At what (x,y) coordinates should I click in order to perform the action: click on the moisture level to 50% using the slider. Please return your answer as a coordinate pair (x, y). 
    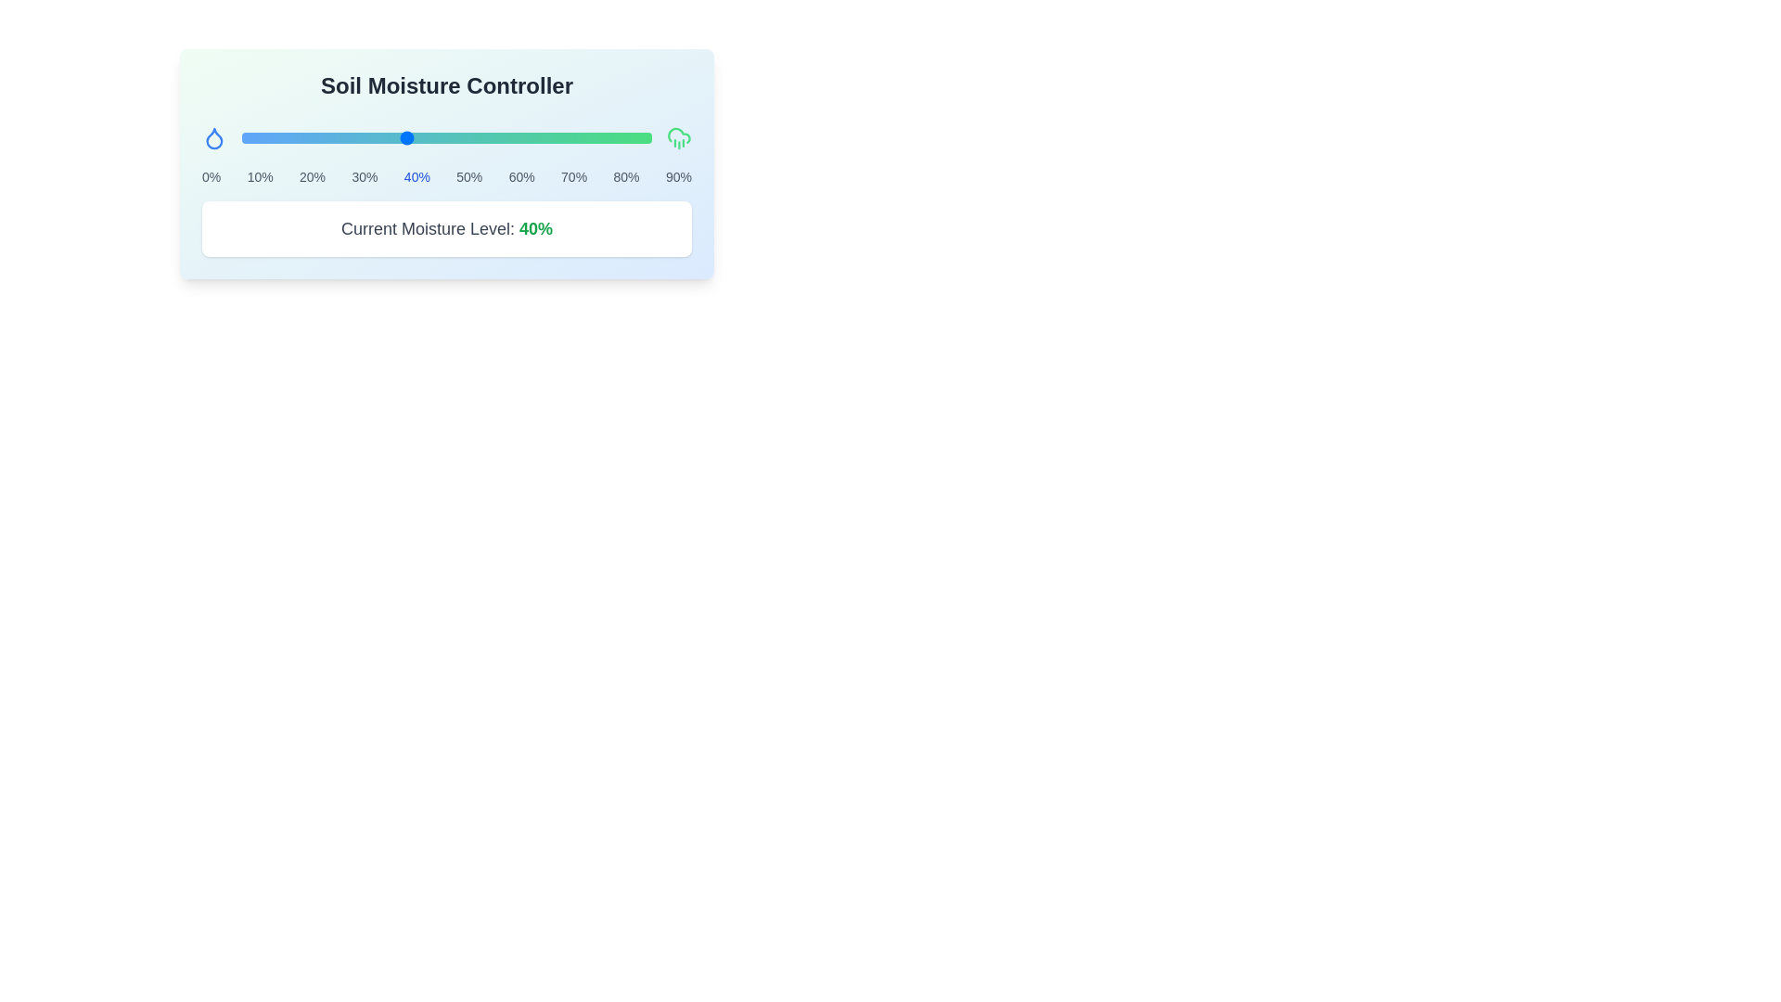
    Looking at the image, I should click on (446, 137).